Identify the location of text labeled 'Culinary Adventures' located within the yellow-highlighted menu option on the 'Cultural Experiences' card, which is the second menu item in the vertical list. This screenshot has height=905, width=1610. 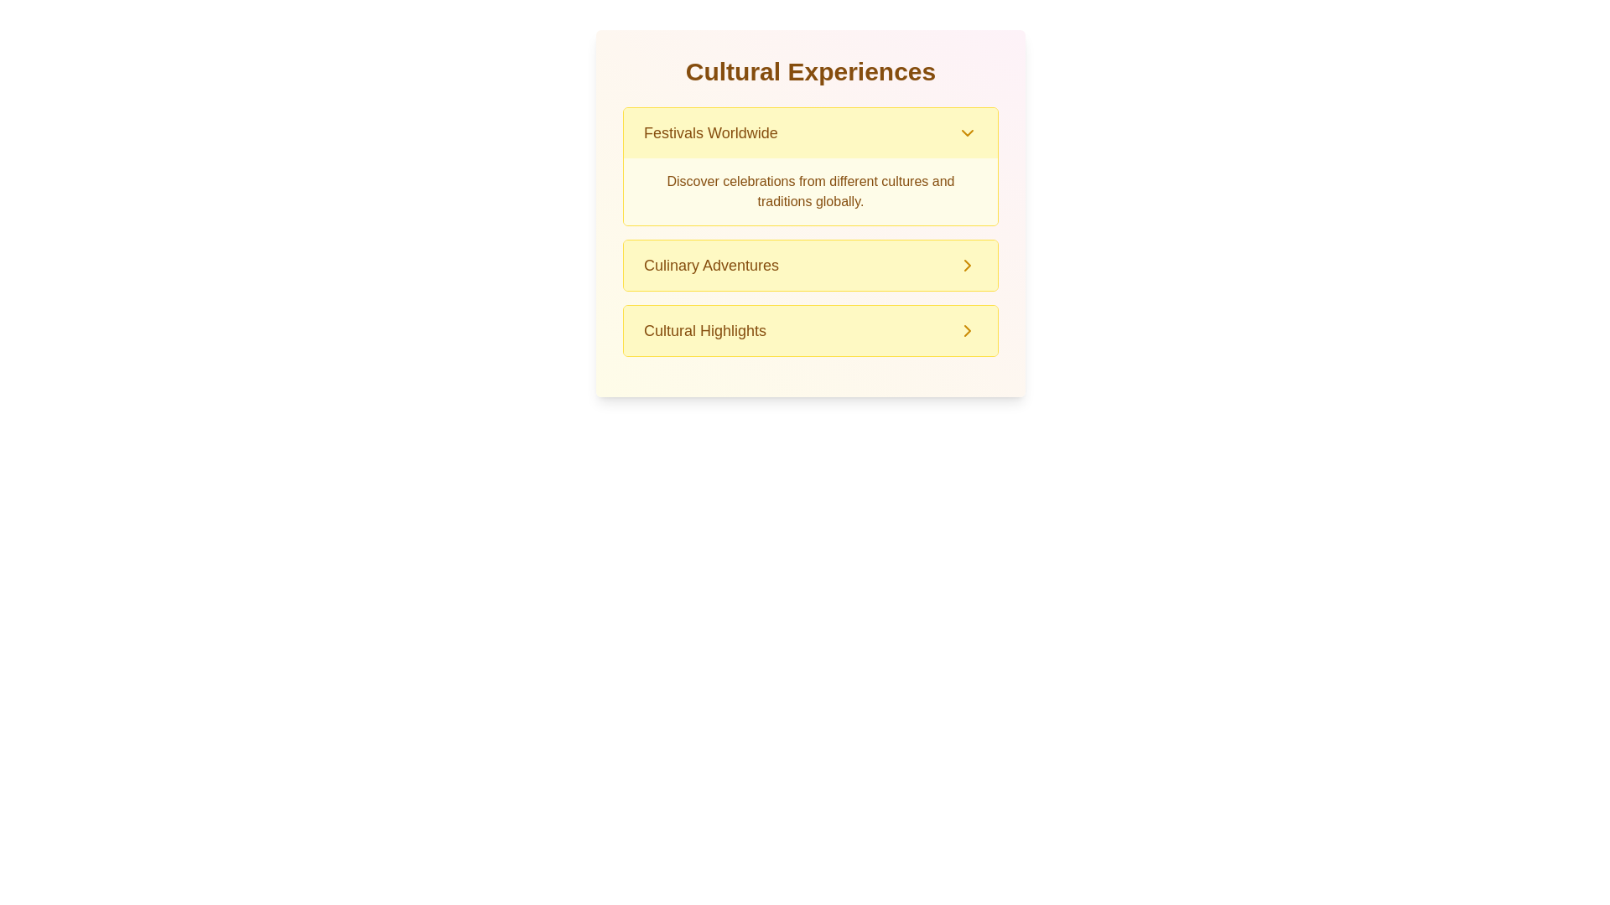
(711, 264).